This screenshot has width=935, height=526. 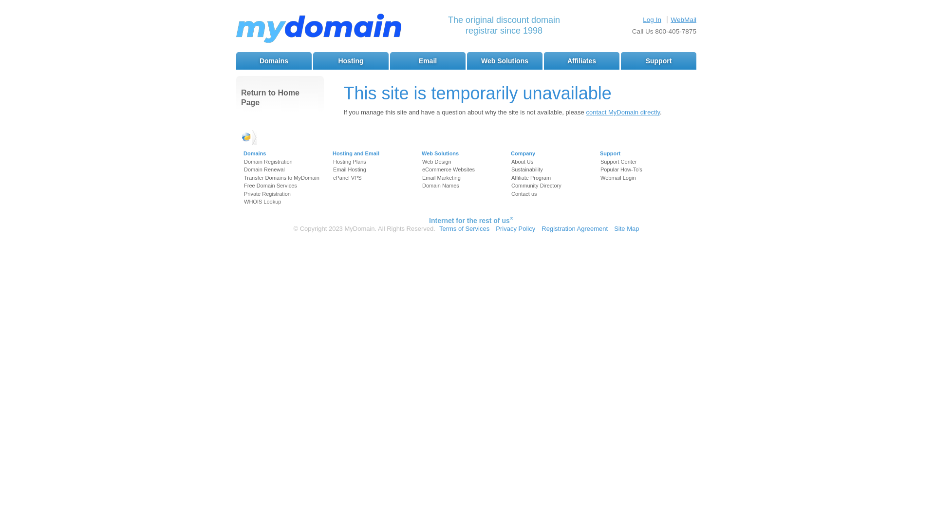 What do you see at coordinates (439, 228) in the screenshot?
I see `'Terms of Services'` at bounding box center [439, 228].